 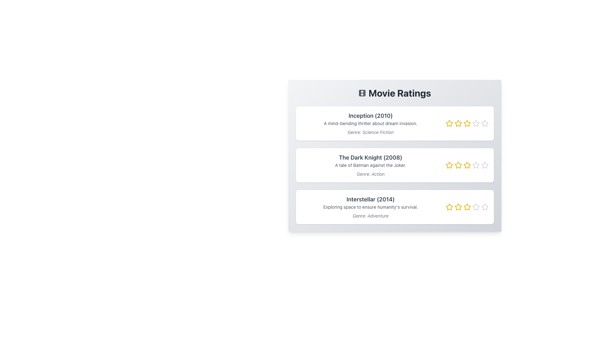 I want to click on the second yellow star icon in the rating section for the movie 'The Dark Knight (2008)' to set the rating, so click(x=458, y=164).